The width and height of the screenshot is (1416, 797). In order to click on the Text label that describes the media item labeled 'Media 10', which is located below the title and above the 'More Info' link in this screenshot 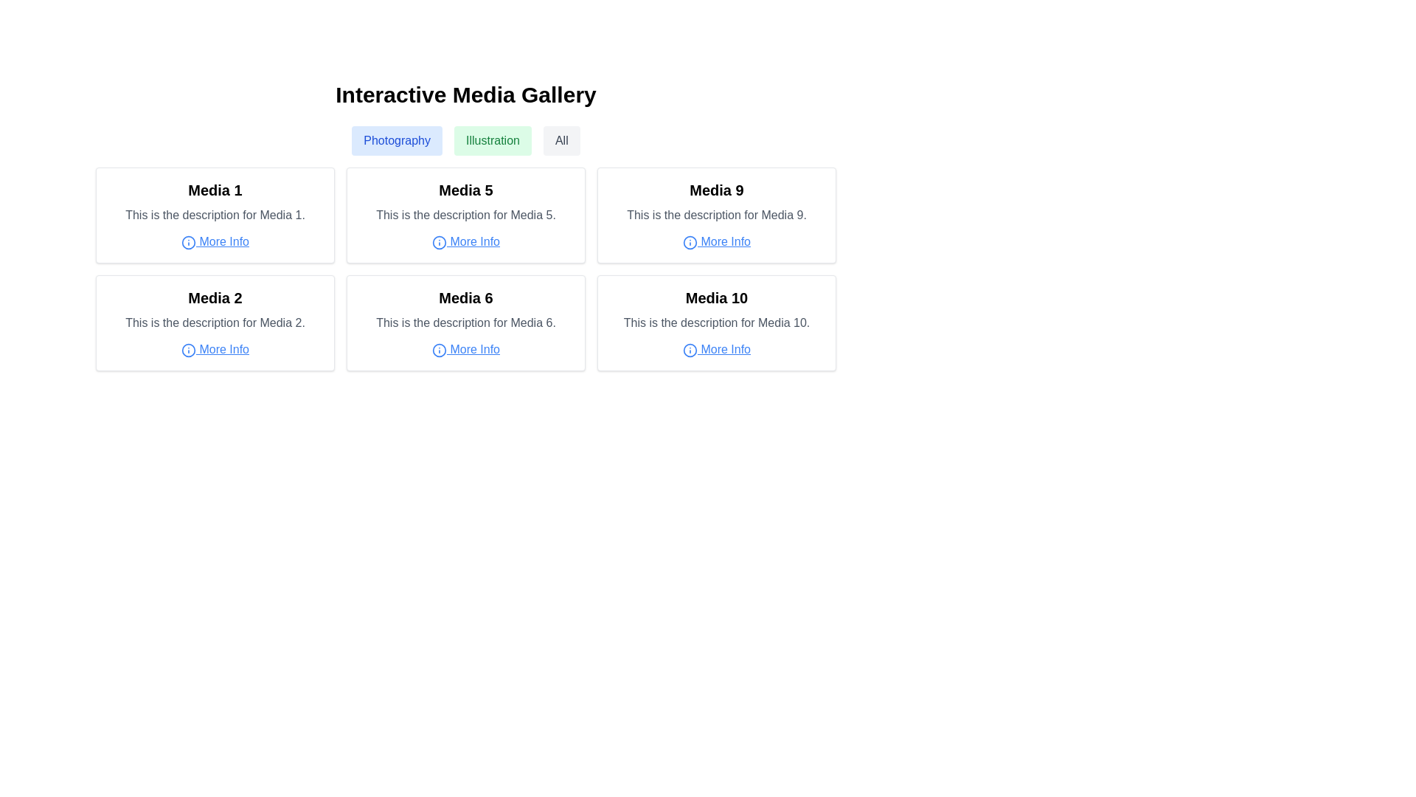, I will do `click(716, 322)`.